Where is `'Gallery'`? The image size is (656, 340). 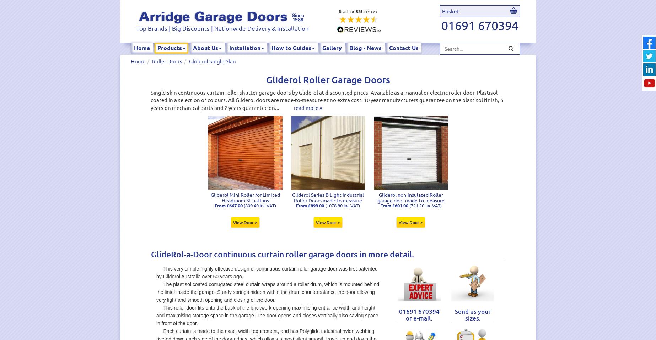 'Gallery' is located at coordinates (332, 48).